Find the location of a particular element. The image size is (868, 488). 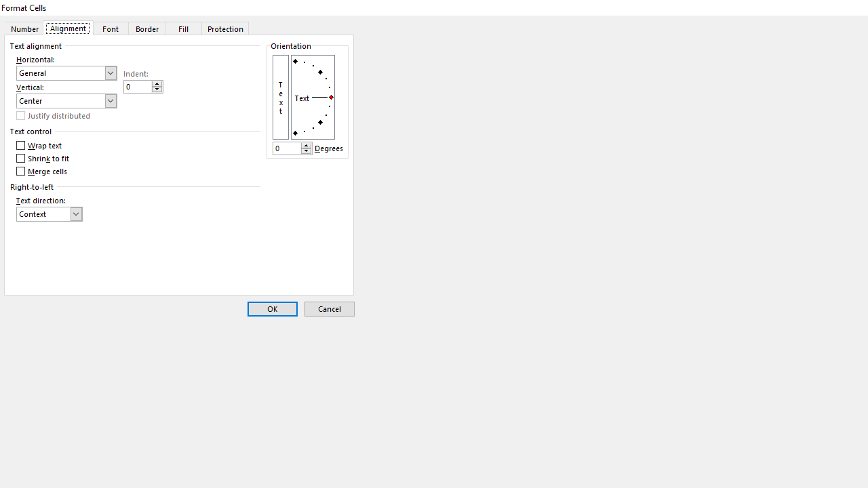

'Shrink to fit' is located at coordinates (43, 158).